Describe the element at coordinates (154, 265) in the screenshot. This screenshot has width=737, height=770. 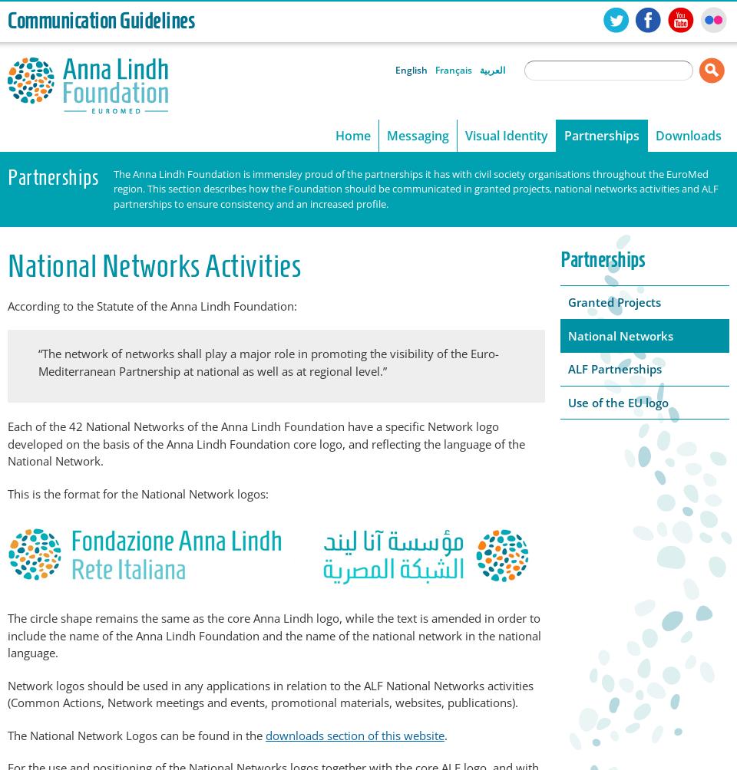
I see `'National Networks Activities'` at that location.